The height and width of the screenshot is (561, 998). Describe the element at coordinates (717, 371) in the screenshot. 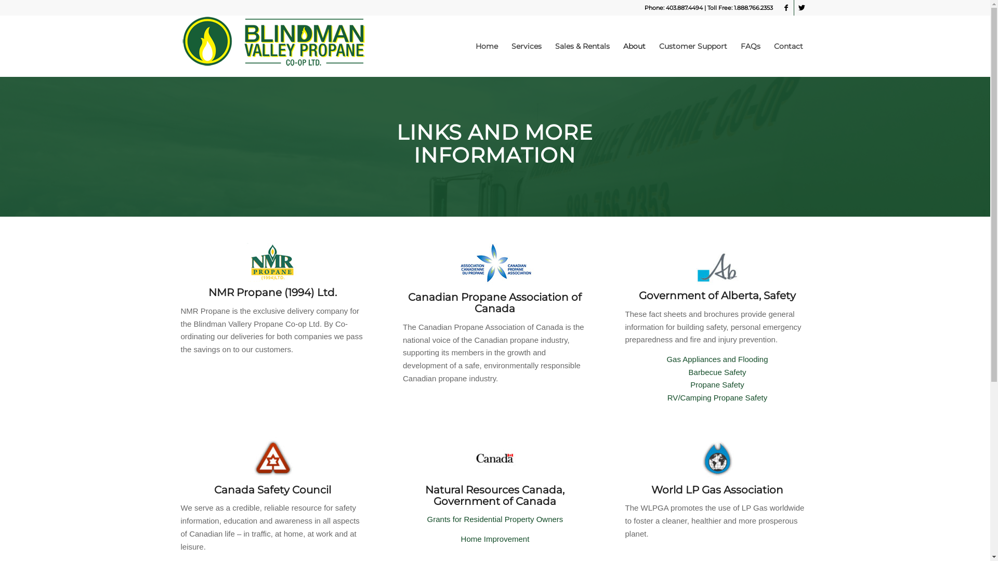

I see `'Barbecue Safety'` at that location.